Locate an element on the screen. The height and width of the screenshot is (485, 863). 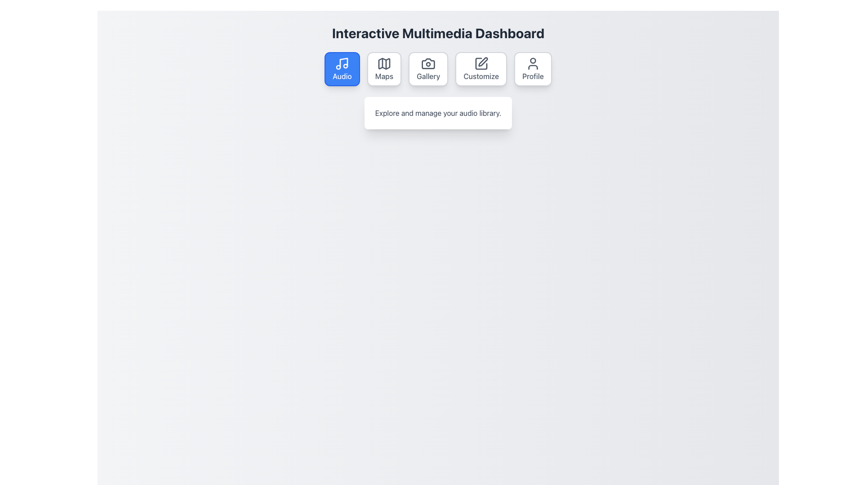
the 'Maps' navigation button, which is the second card in a row of options beneath the 'Interactive Multimedia Dashboard' title is located at coordinates (384, 69).